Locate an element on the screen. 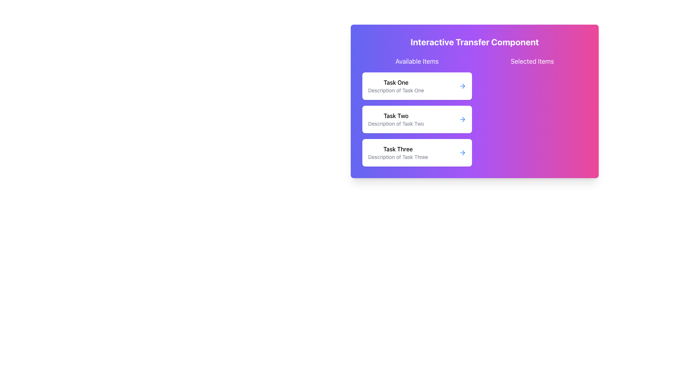  the 'Available Items' text label, which is styled with a larger font size and white color, located at the top-left of a purple gradient card is located at coordinates (417, 61).